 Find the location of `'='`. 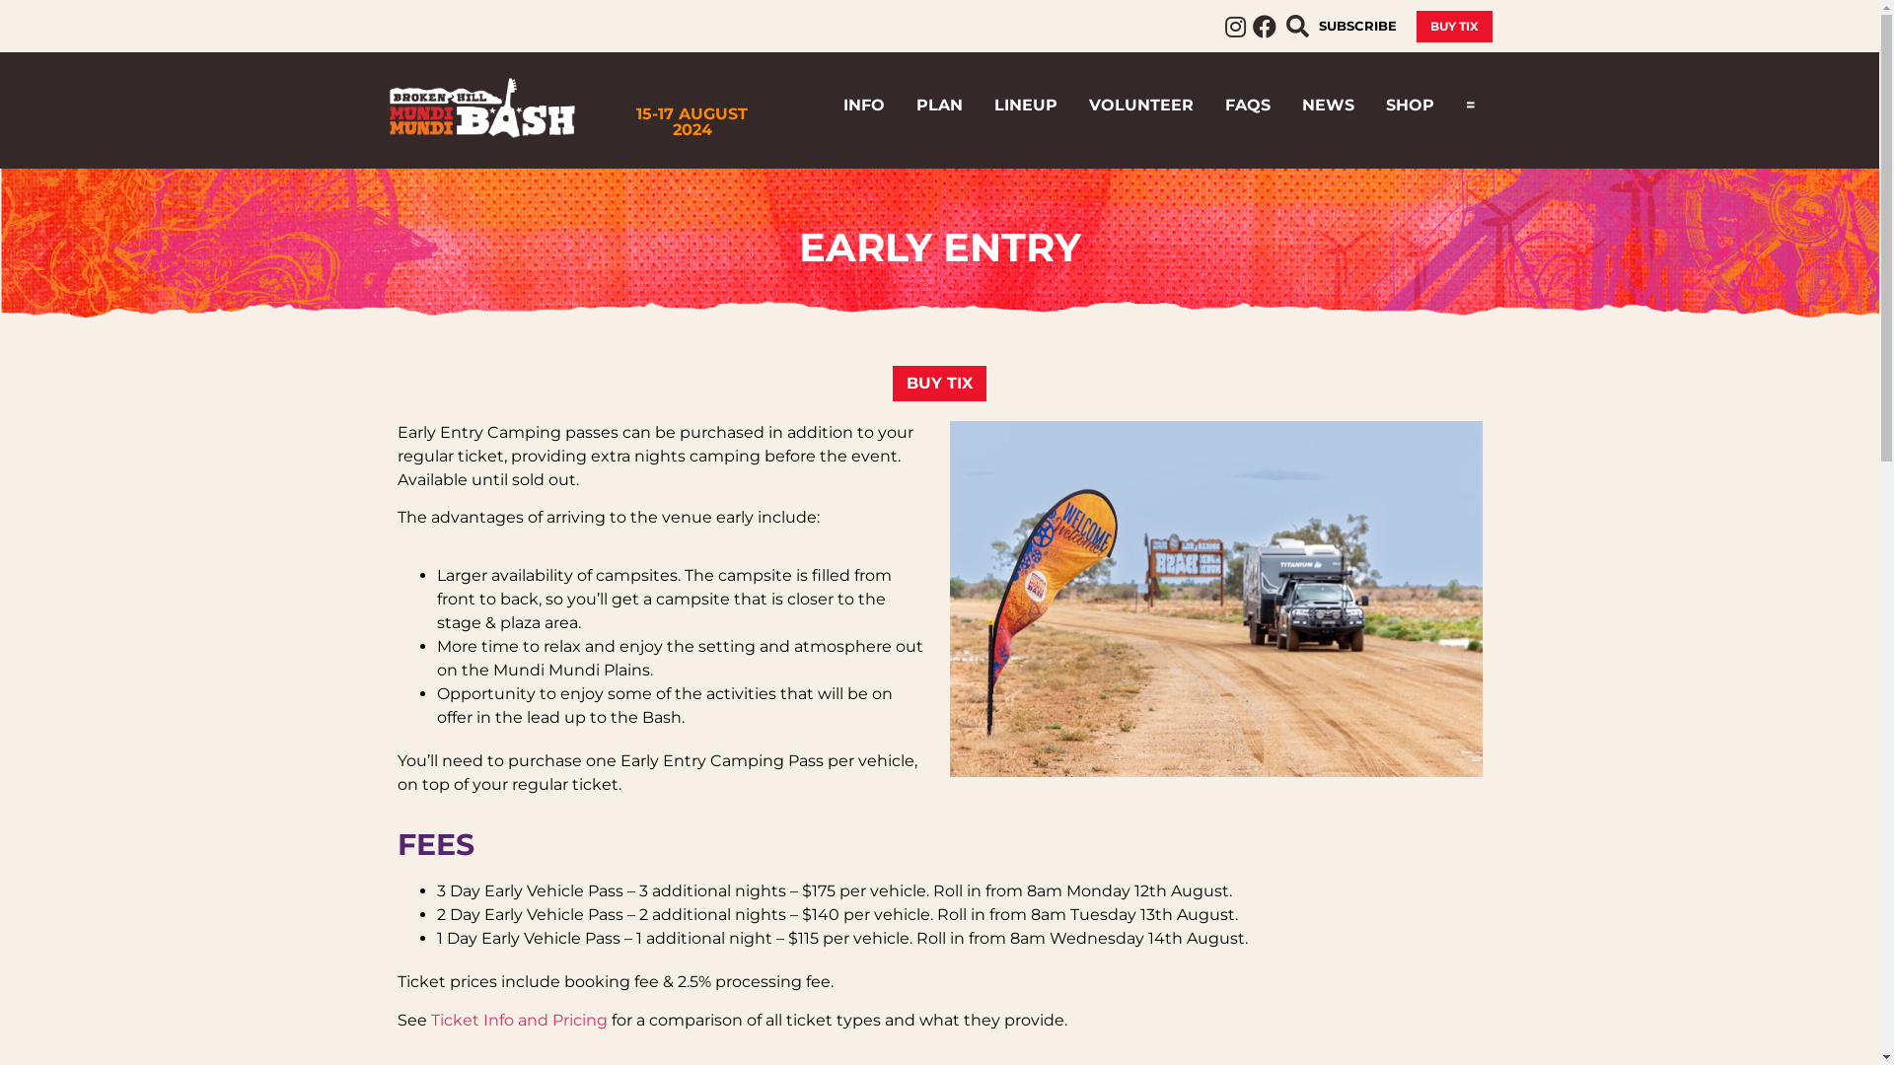

'=' is located at coordinates (1471, 106).